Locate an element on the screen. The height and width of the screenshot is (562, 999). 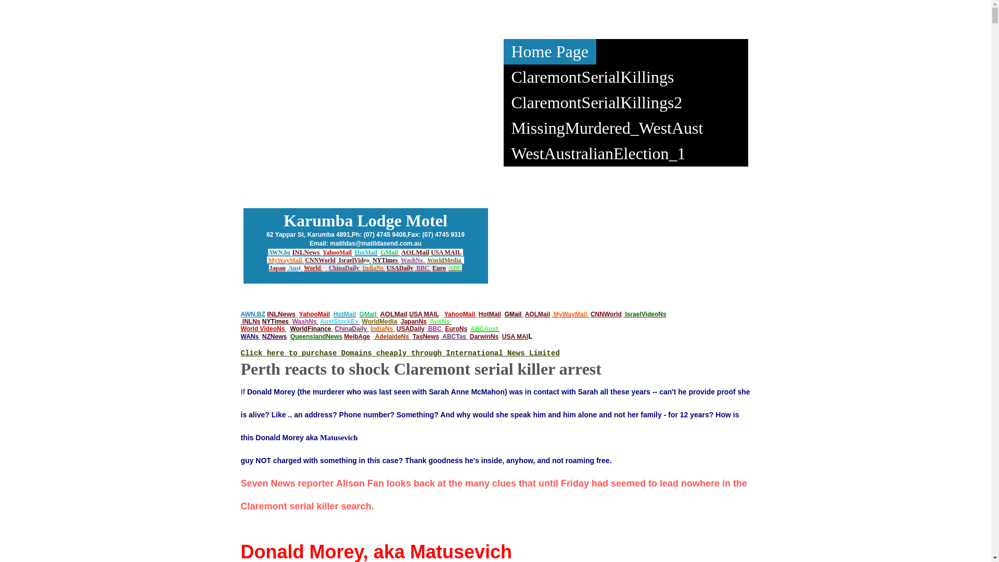
'ABCAust' is located at coordinates (483, 329).